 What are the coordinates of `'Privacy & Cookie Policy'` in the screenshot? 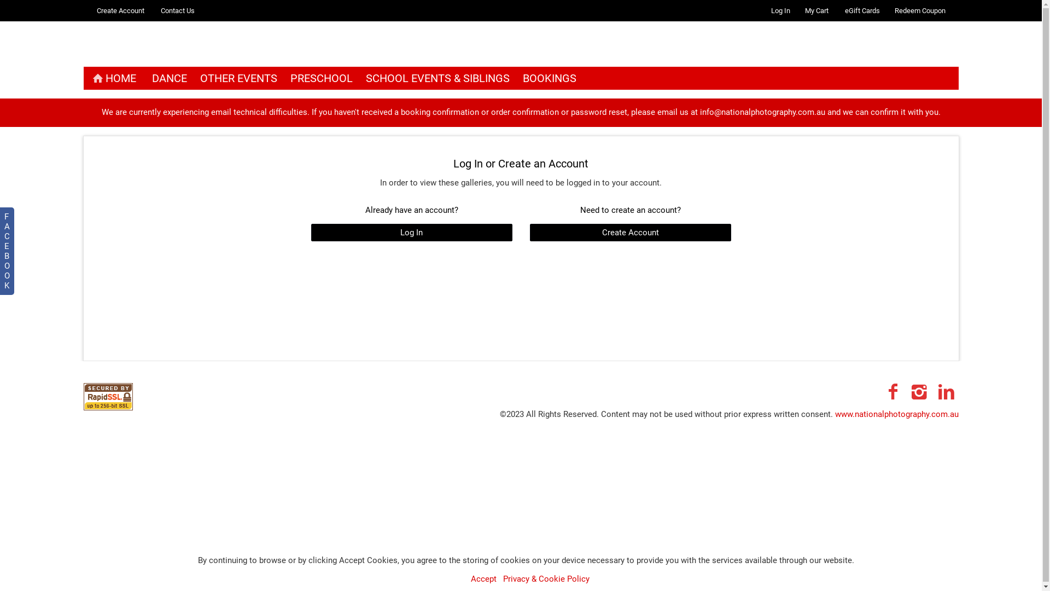 It's located at (546, 578).